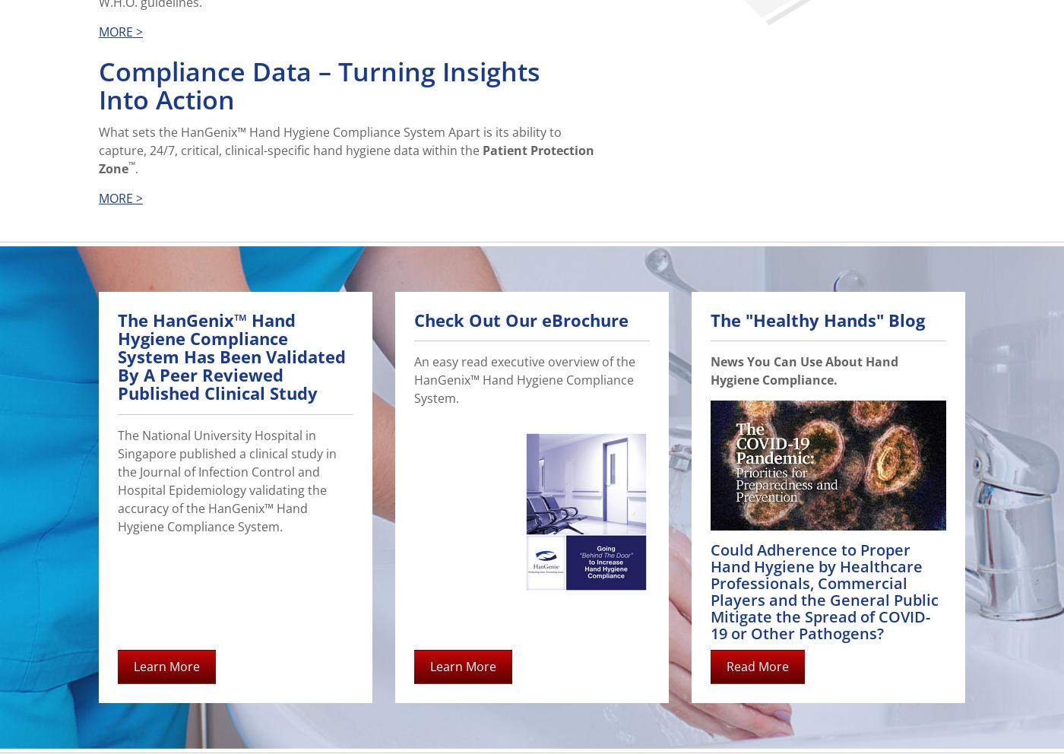 This screenshot has width=1064, height=754. Describe the element at coordinates (825, 591) in the screenshot. I see `'Could Adherence to Proper Hand Hygiene by Healthcare Professionals, Commercial Players and the General Public Mitigate the Spread of COVID-19 or Other Pathogens?'` at that location.